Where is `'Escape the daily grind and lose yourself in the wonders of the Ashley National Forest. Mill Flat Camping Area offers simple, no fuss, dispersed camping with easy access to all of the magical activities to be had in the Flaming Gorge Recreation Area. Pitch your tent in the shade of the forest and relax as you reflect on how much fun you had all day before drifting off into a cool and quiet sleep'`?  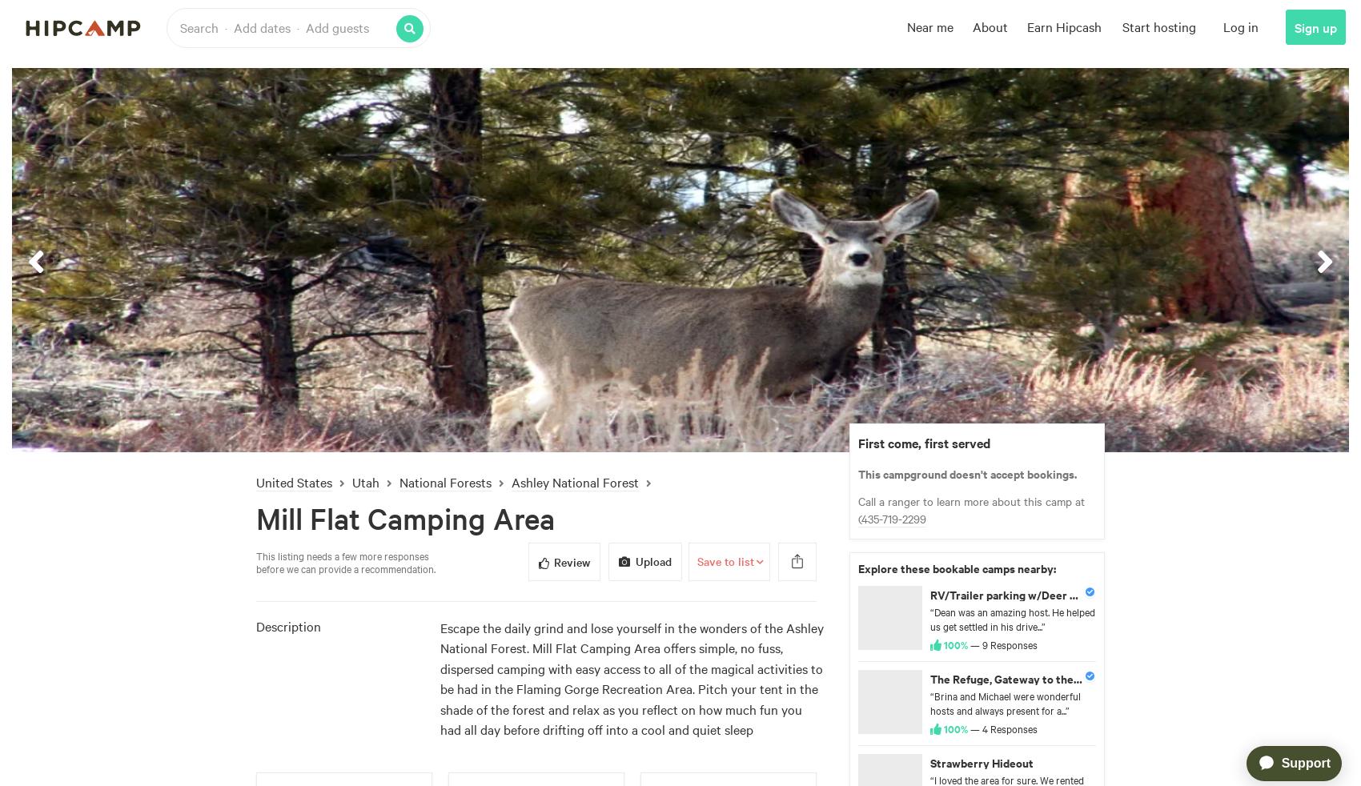 'Escape the daily grind and lose yourself in the wonders of the Ashley National Forest. Mill Flat Camping Area offers simple, no fuss, dispersed camping with easy access to all of the magical activities to be had in the Flaming Gorge Recreation Area. Pitch your tent in the shade of the forest and relax as you reflect on how much fun you had all day before drifting off into a cool and quiet sleep' is located at coordinates (631, 677).